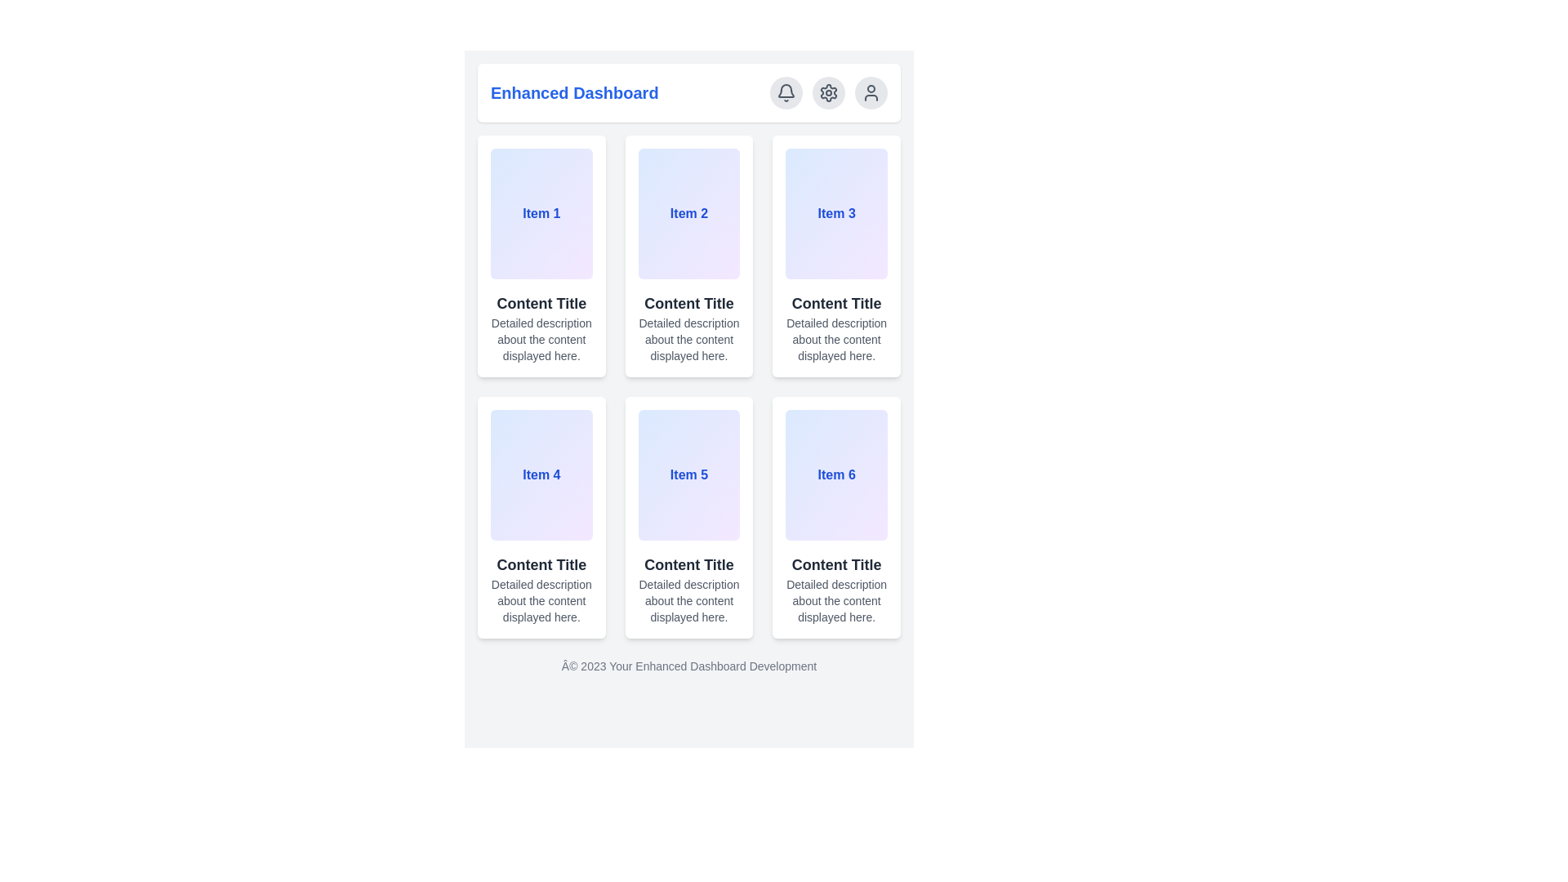  What do you see at coordinates (786, 93) in the screenshot?
I see `the circular icon button with a bell symbol on the top-right of the header` at bounding box center [786, 93].